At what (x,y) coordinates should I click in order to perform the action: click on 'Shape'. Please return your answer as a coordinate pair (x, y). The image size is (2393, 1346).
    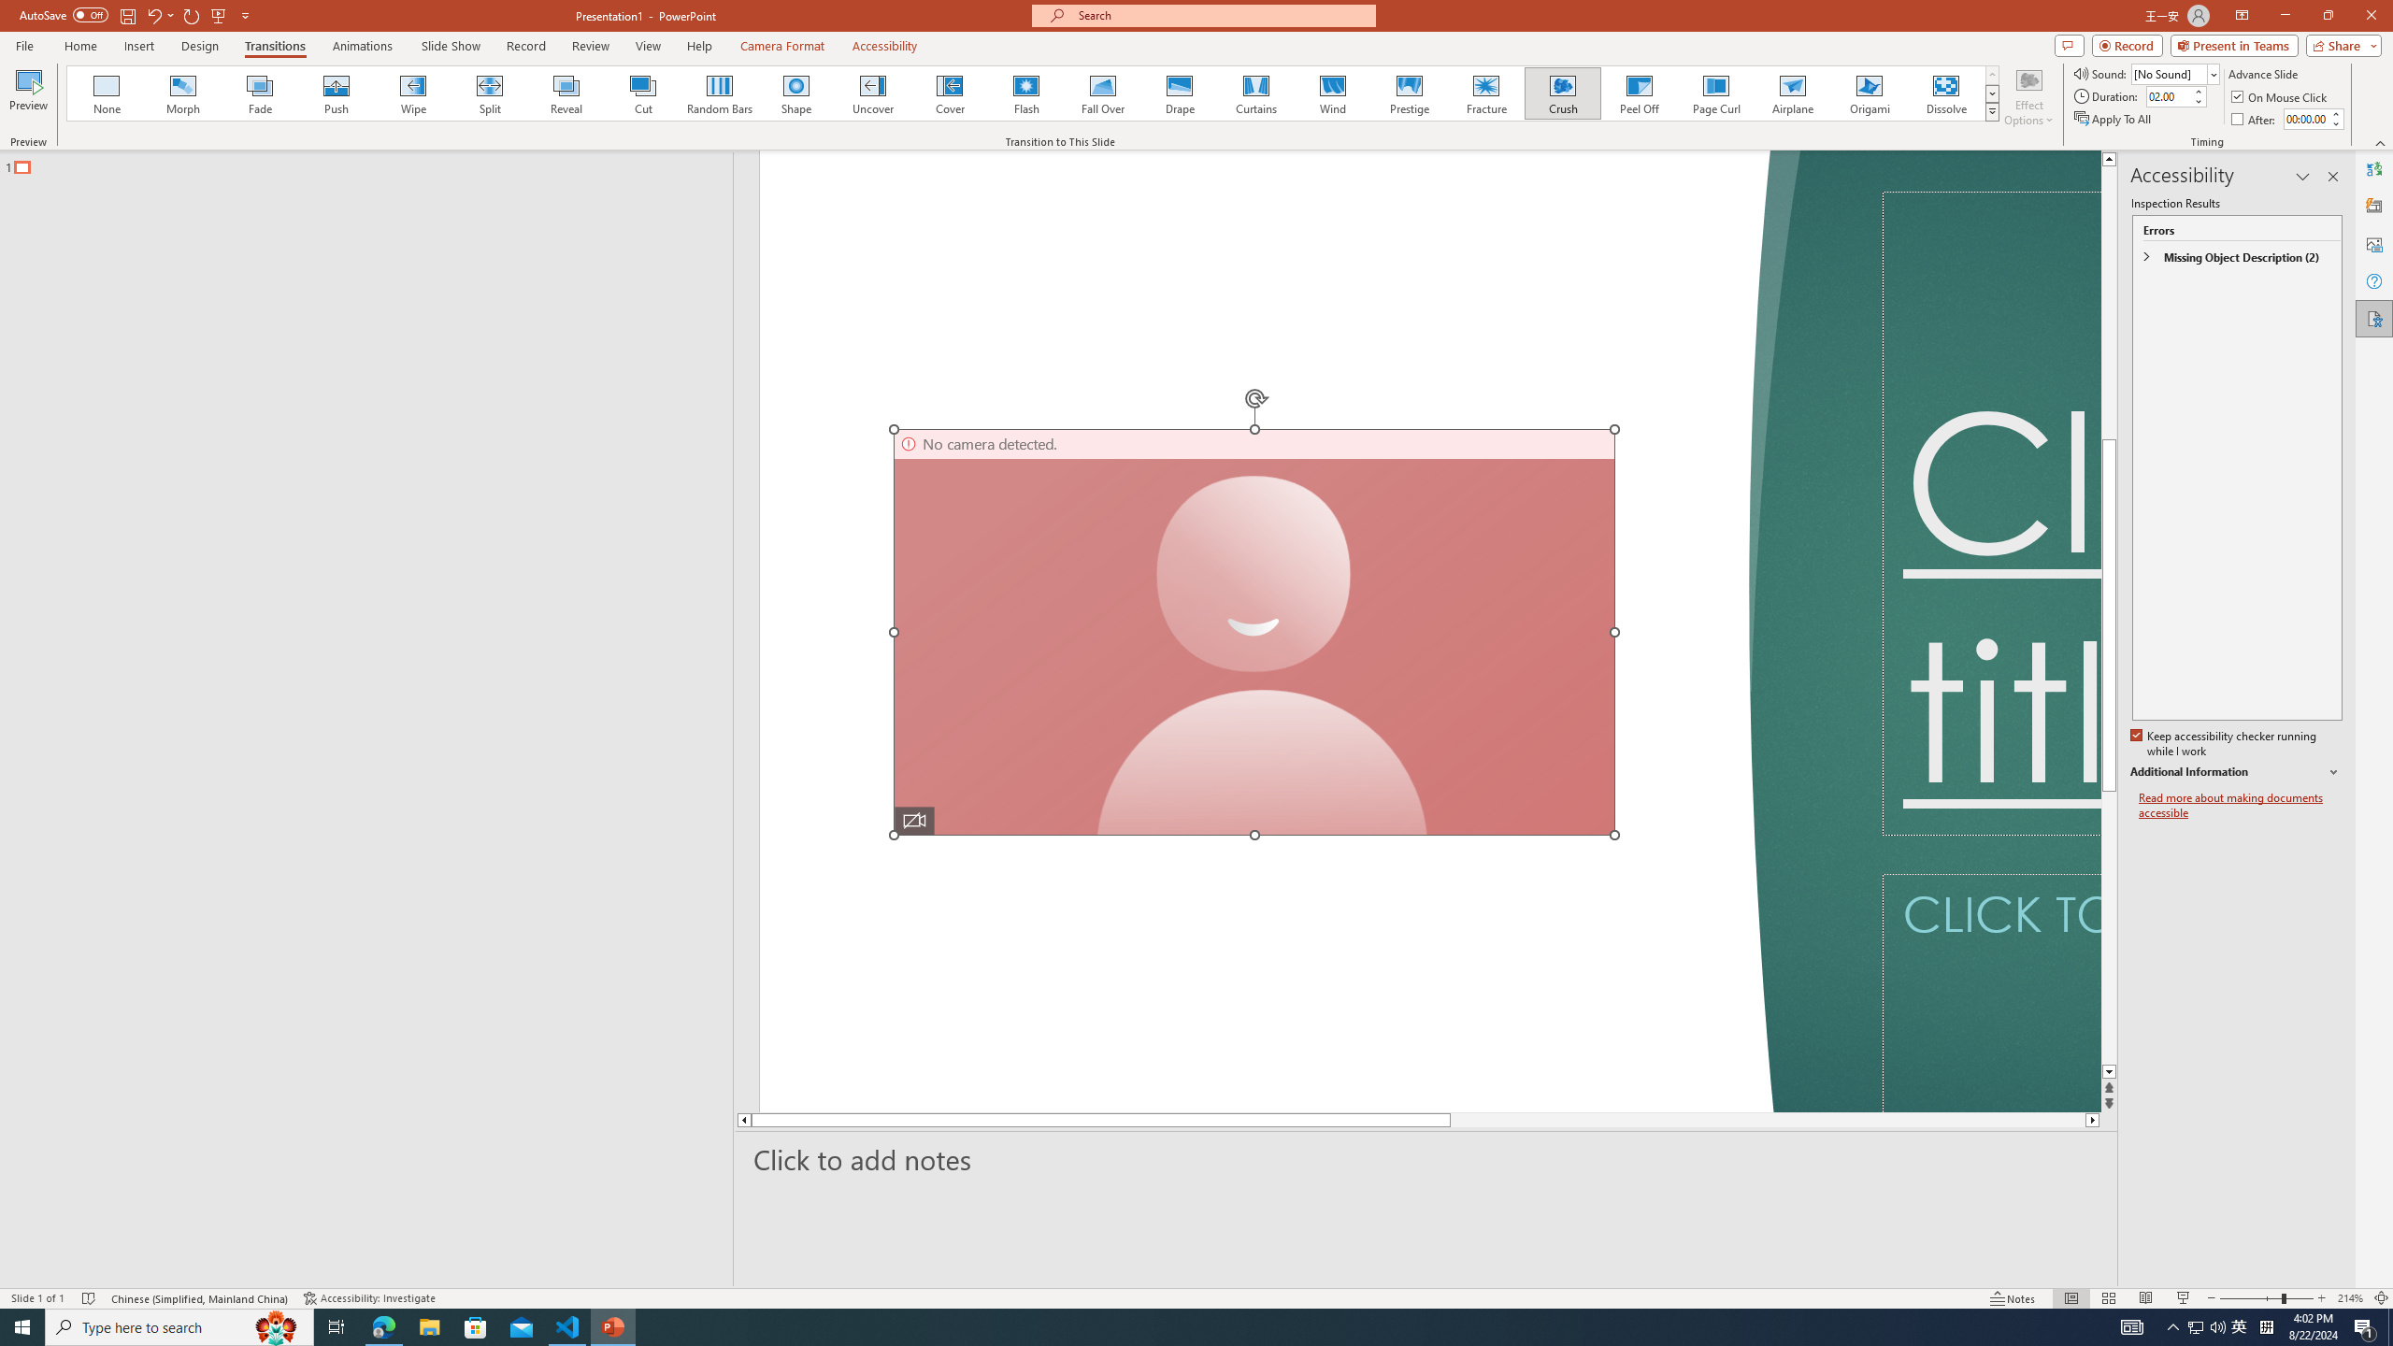
    Looking at the image, I should click on (795, 93).